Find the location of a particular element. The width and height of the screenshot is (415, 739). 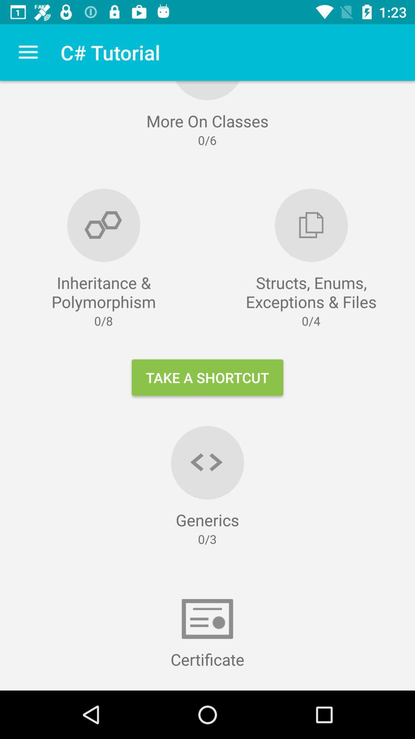

the image above structs enums exceptions  files 04 is located at coordinates (311, 225).